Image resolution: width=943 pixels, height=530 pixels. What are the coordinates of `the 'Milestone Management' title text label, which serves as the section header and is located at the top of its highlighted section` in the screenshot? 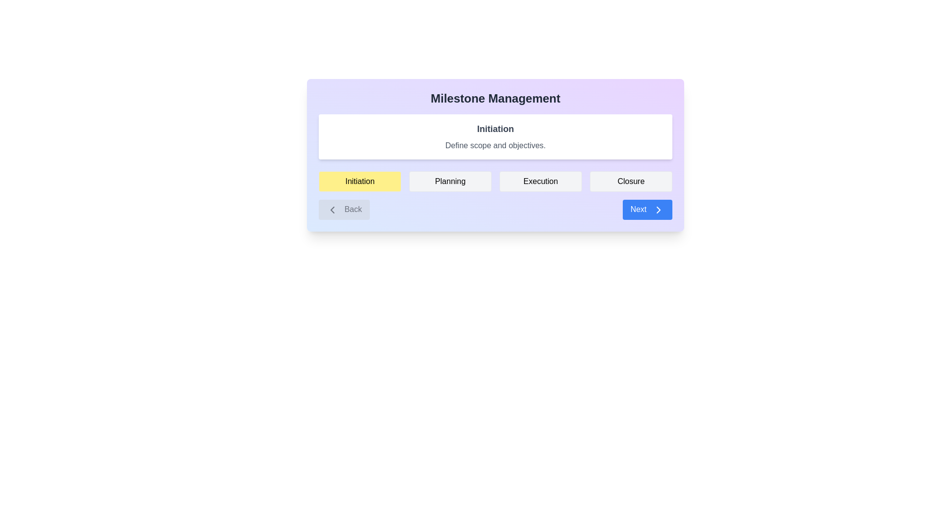 It's located at (495, 98).